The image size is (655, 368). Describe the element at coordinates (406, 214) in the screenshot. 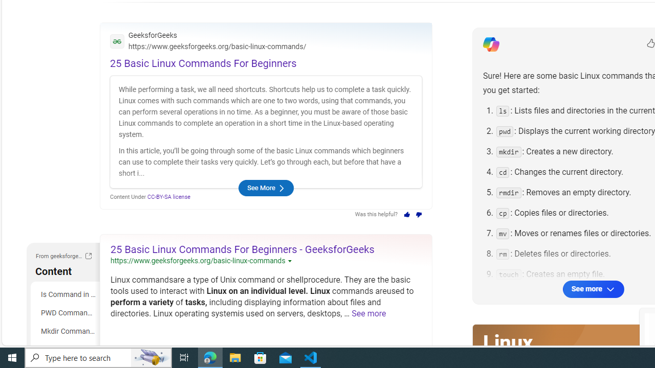

I see `'Thumbs up'` at that location.